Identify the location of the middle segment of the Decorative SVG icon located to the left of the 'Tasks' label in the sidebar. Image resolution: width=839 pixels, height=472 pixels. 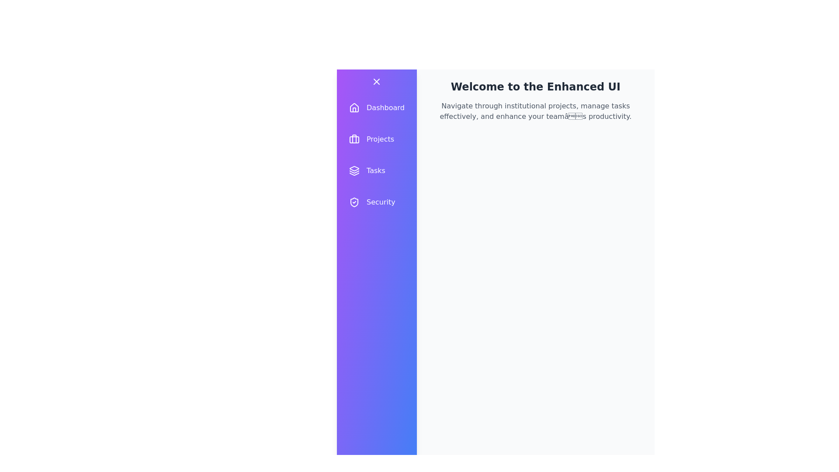
(354, 172).